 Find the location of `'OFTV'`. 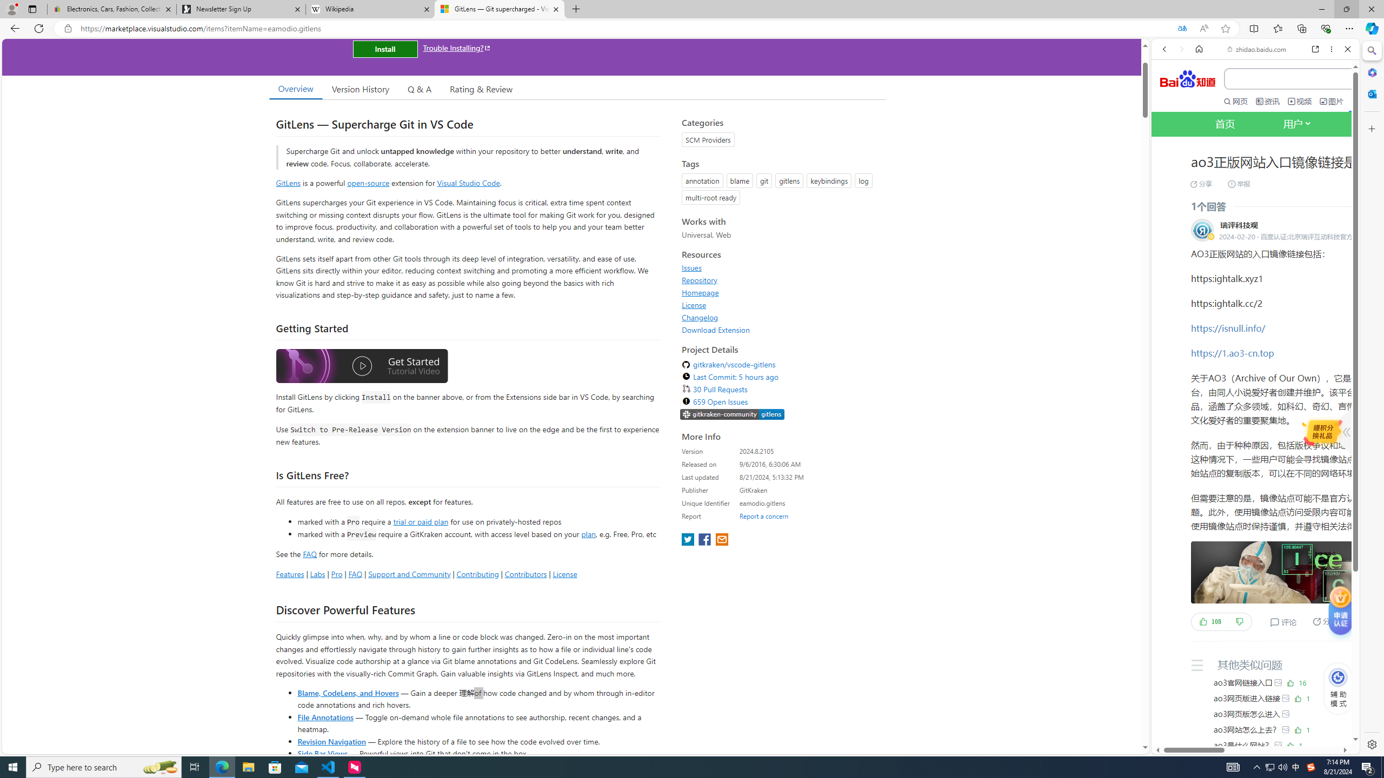

'OFTV' is located at coordinates (1251, 706).